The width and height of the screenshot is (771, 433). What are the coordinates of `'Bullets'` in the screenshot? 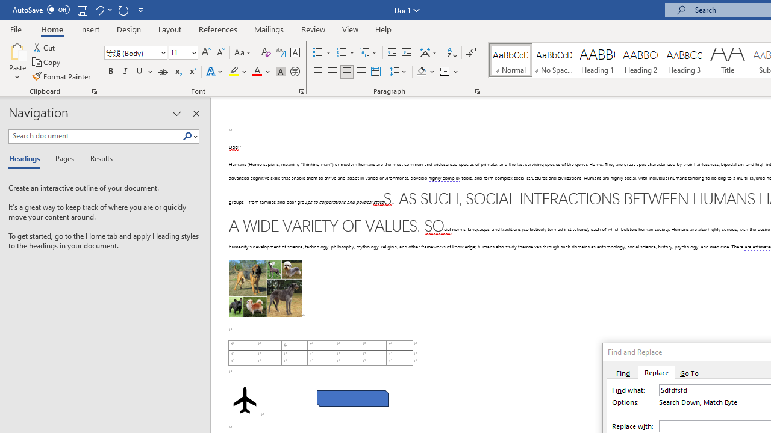 It's located at (322, 52).